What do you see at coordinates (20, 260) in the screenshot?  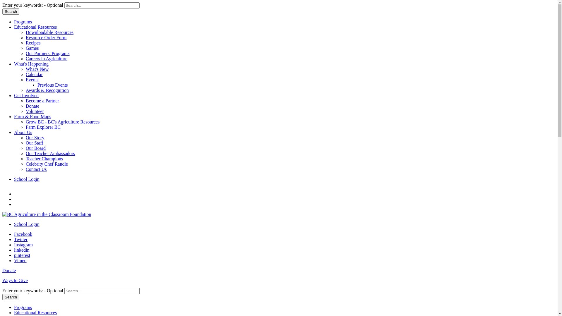 I see `'Vimeo'` at bounding box center [20, 260].